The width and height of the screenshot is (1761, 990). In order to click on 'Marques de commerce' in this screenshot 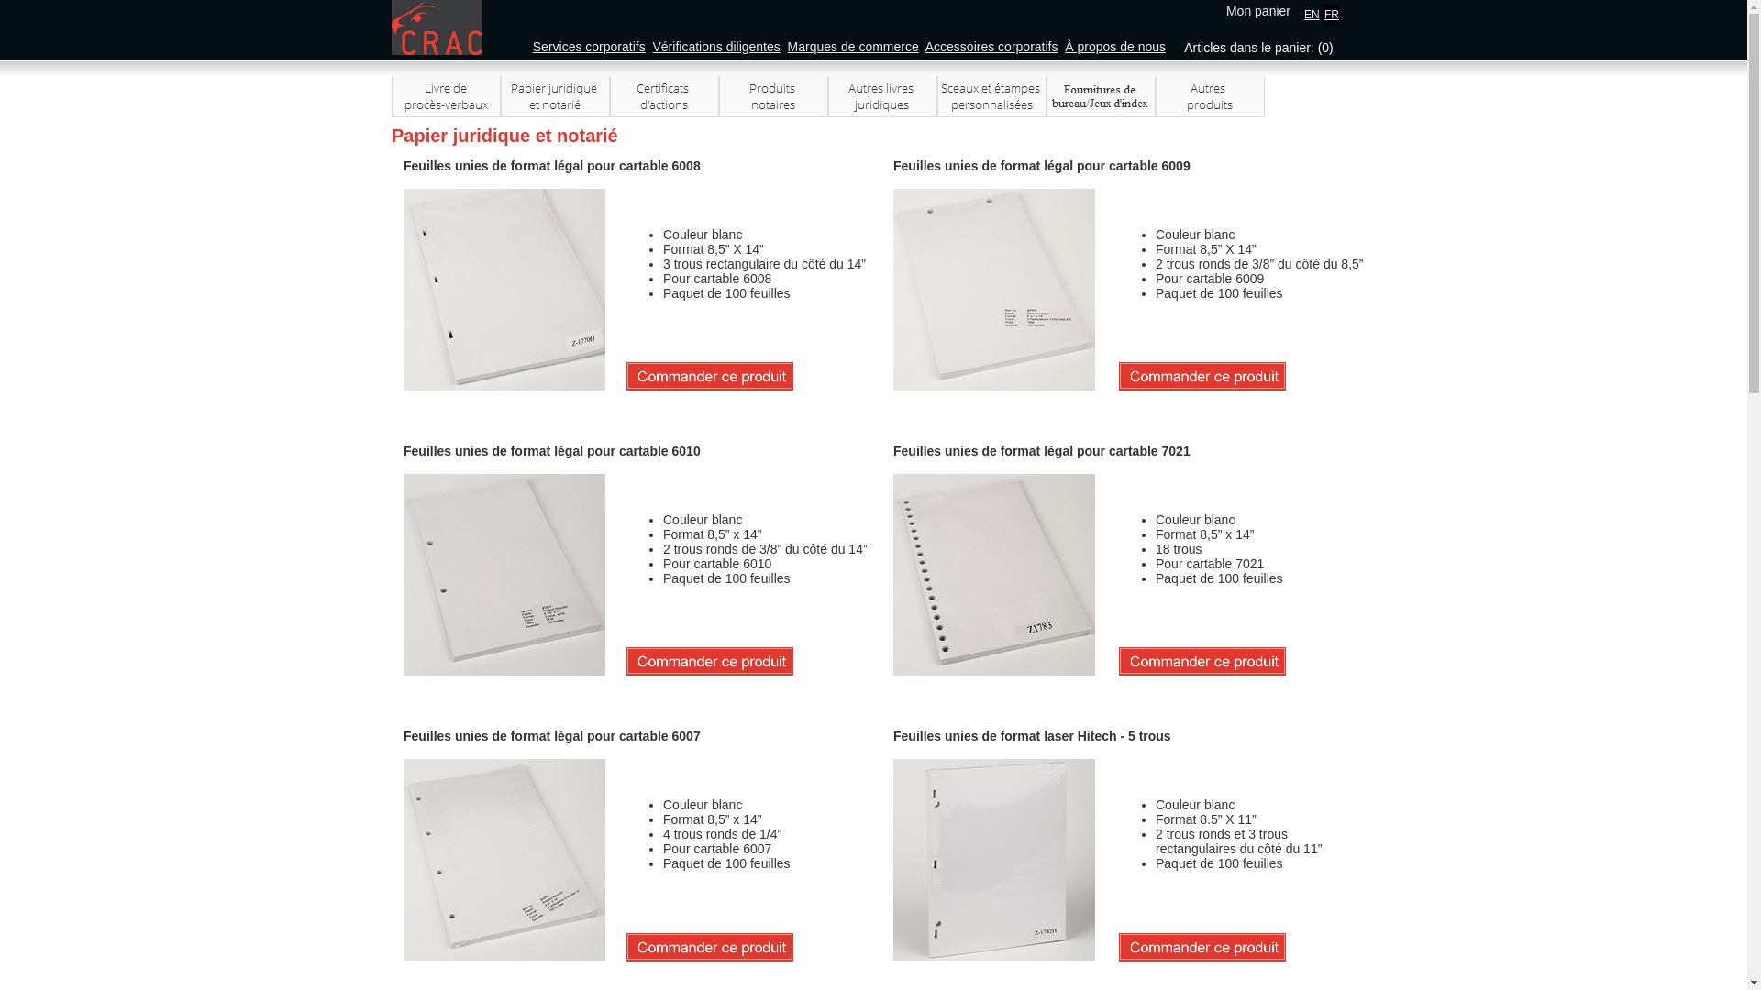, I will do `click(788, 45)`.